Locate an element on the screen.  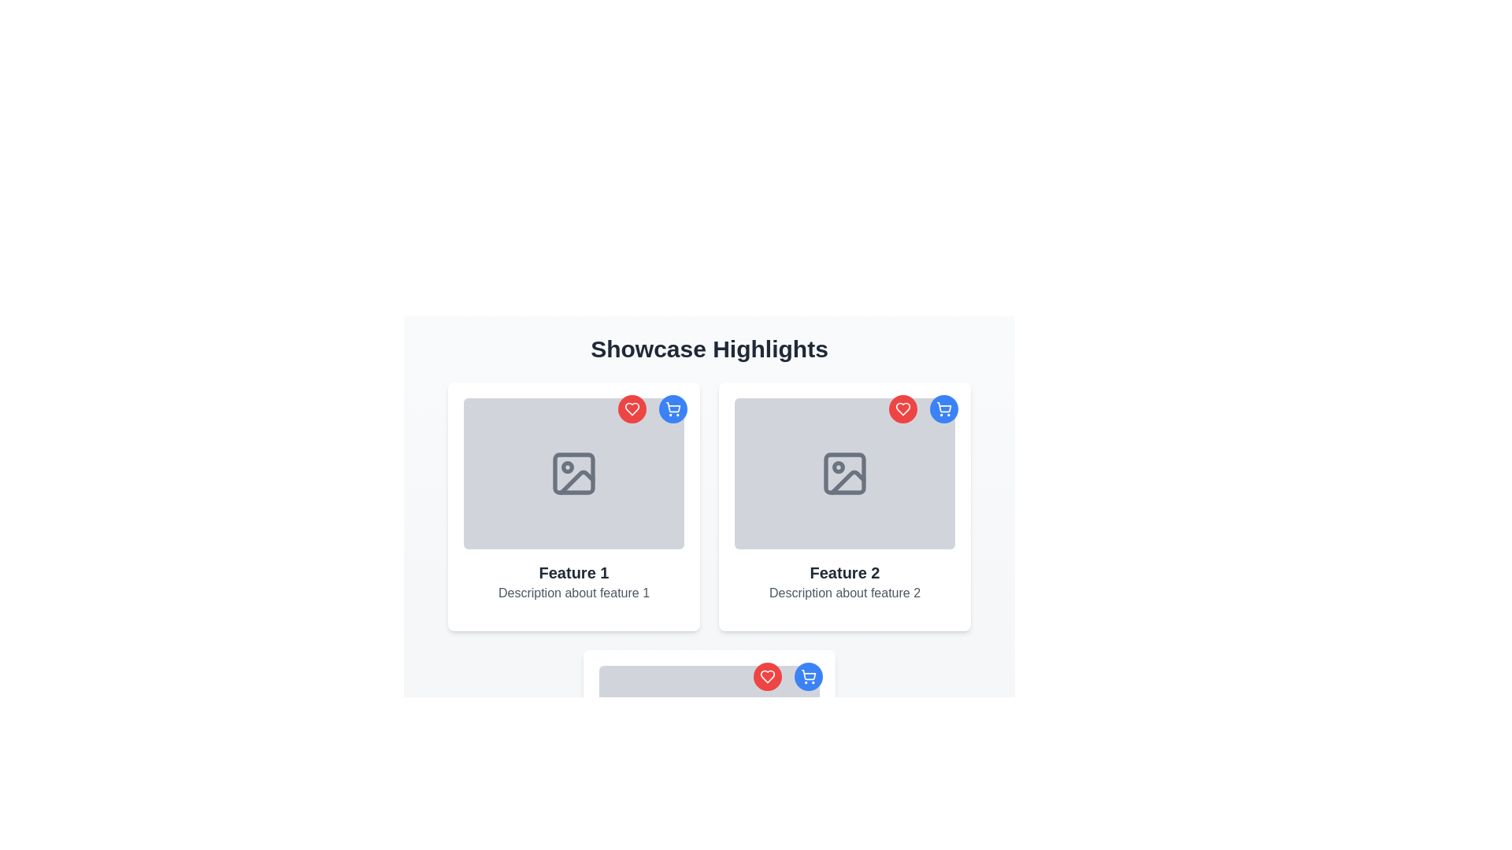
the icon button located in the top-right corner of the 'Feature 2' box in the 'Showcase Highlights' section is located at coordinates (673, 408).